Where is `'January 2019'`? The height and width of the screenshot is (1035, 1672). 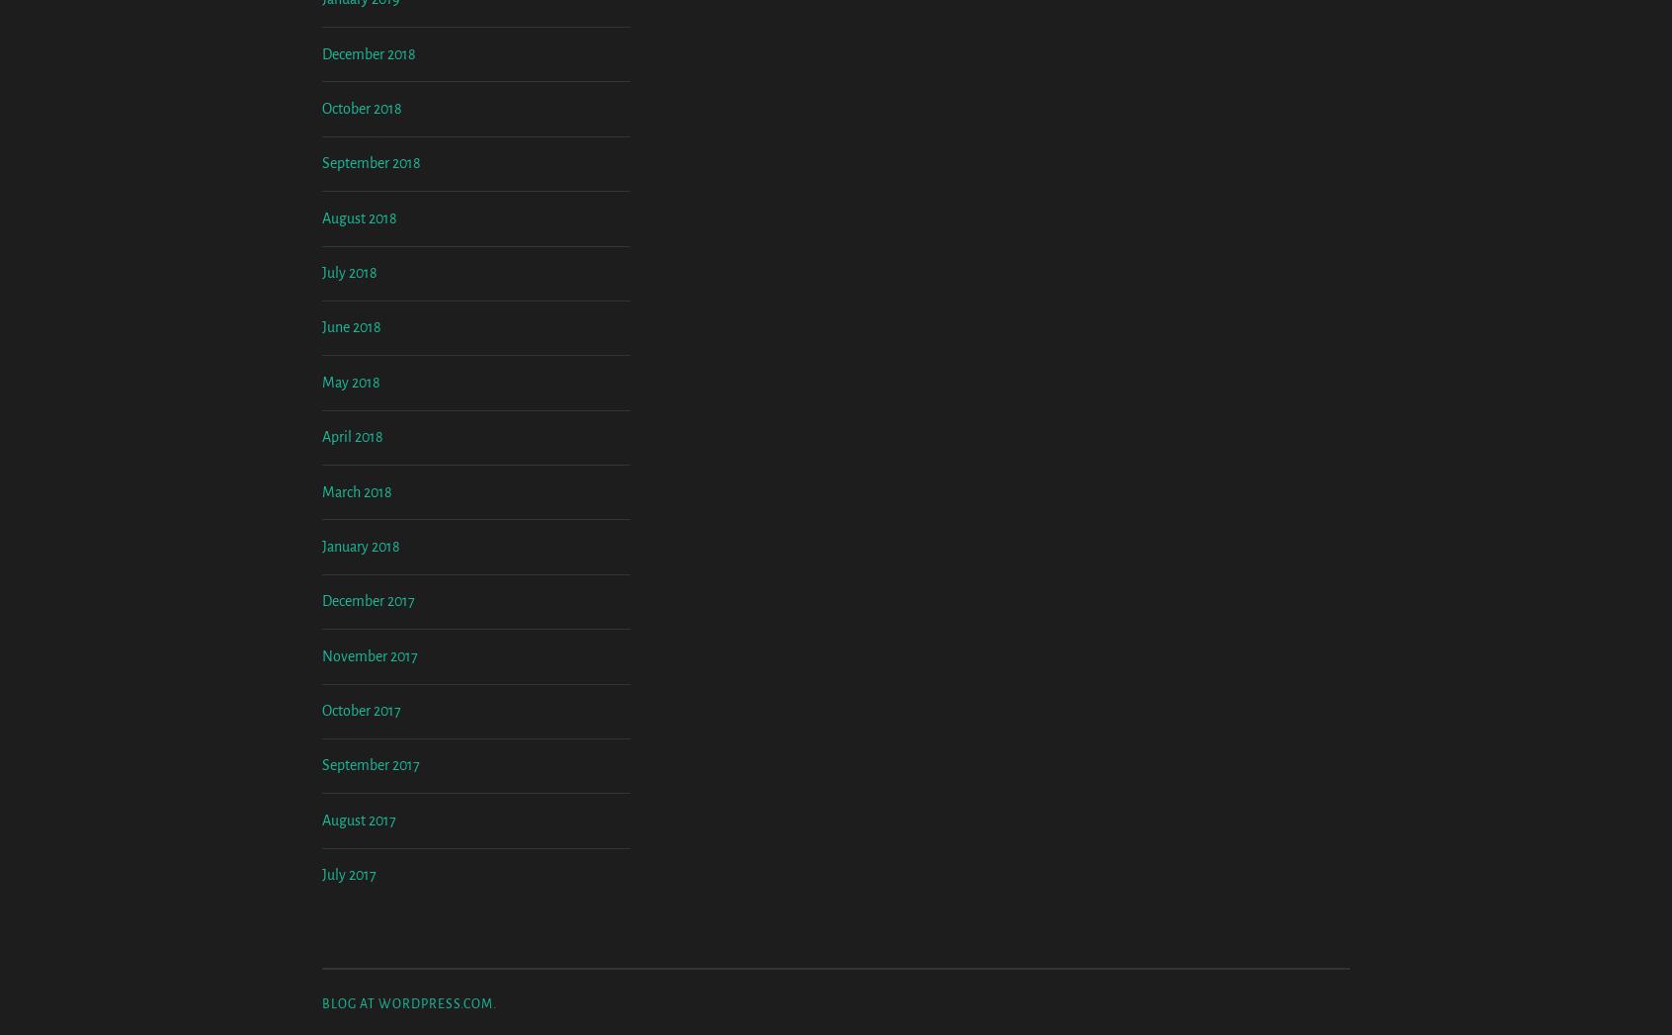
'January 2019' is located at coordinates (321, 163).